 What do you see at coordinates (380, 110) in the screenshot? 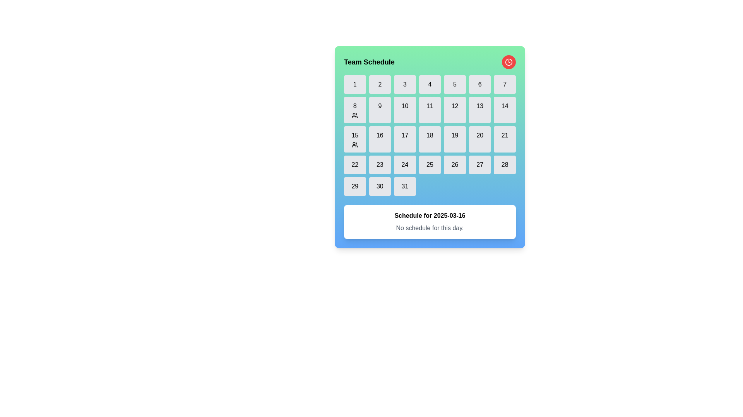
I see `the grid cell displaying the numeral '9' with a light gray background` at bounding box center [380, 110].